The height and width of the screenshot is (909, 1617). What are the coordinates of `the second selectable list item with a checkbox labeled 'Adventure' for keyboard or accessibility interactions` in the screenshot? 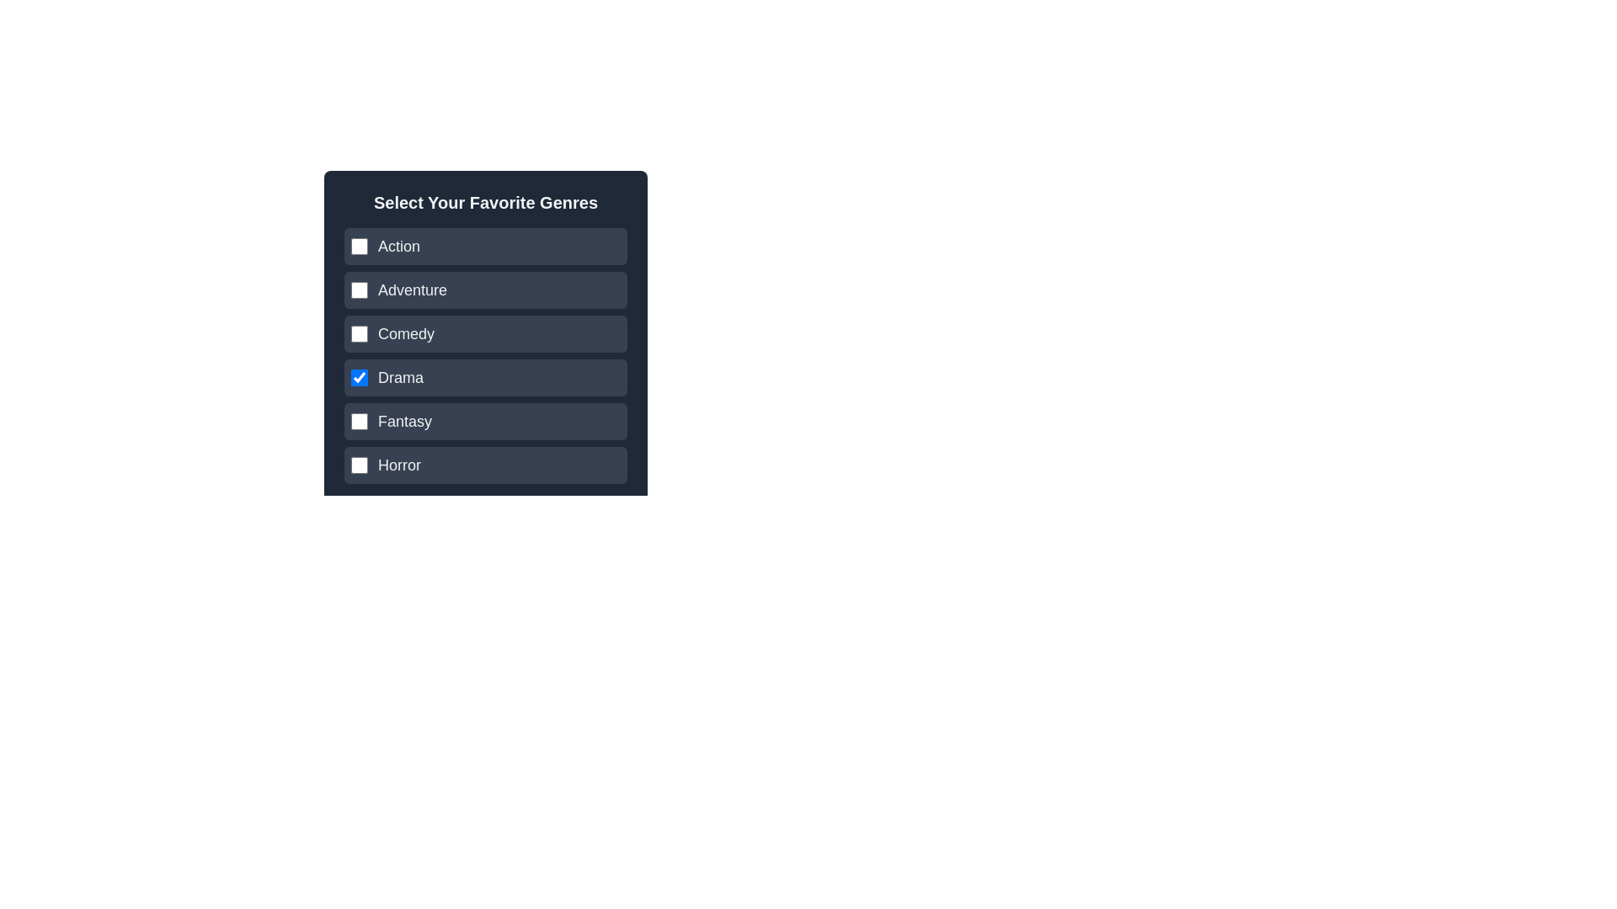 It's located at (484, 289).